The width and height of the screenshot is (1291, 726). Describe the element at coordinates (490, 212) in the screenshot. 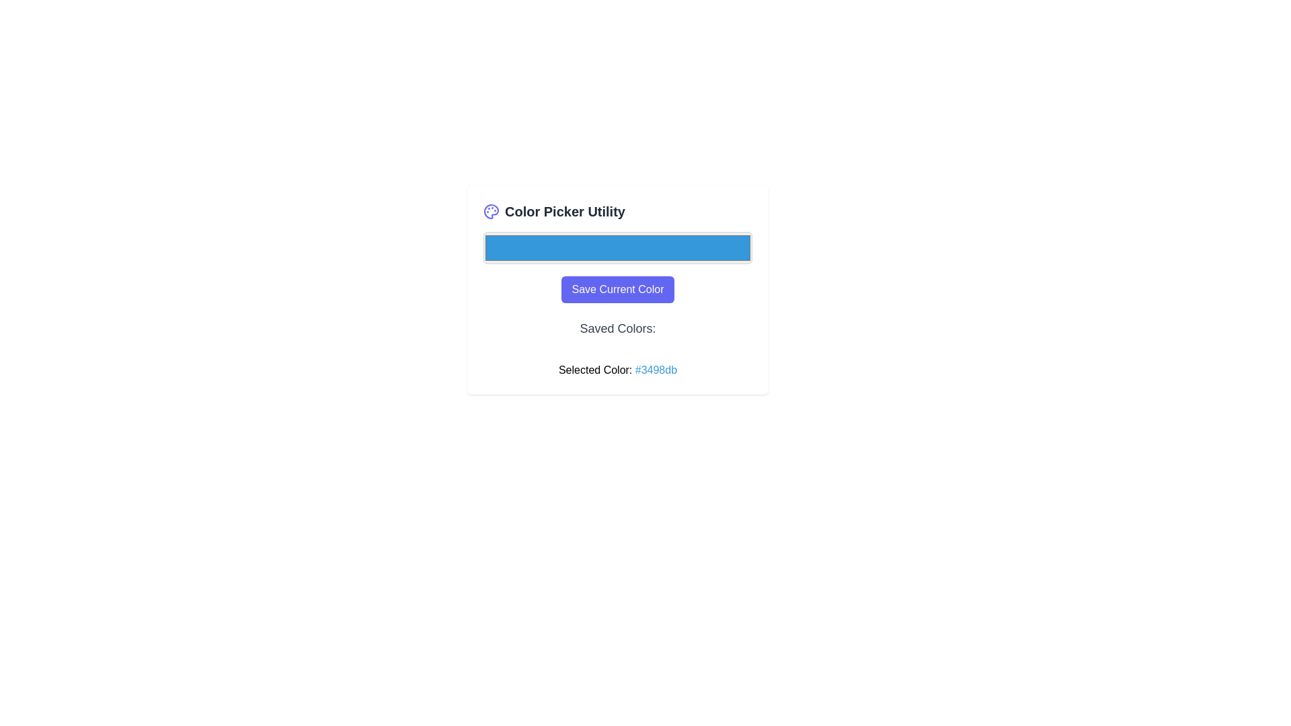

I see `the painter's palette icon resembling a color palette, which is located to the left of the 'Color Picker Utility' title` at that location.